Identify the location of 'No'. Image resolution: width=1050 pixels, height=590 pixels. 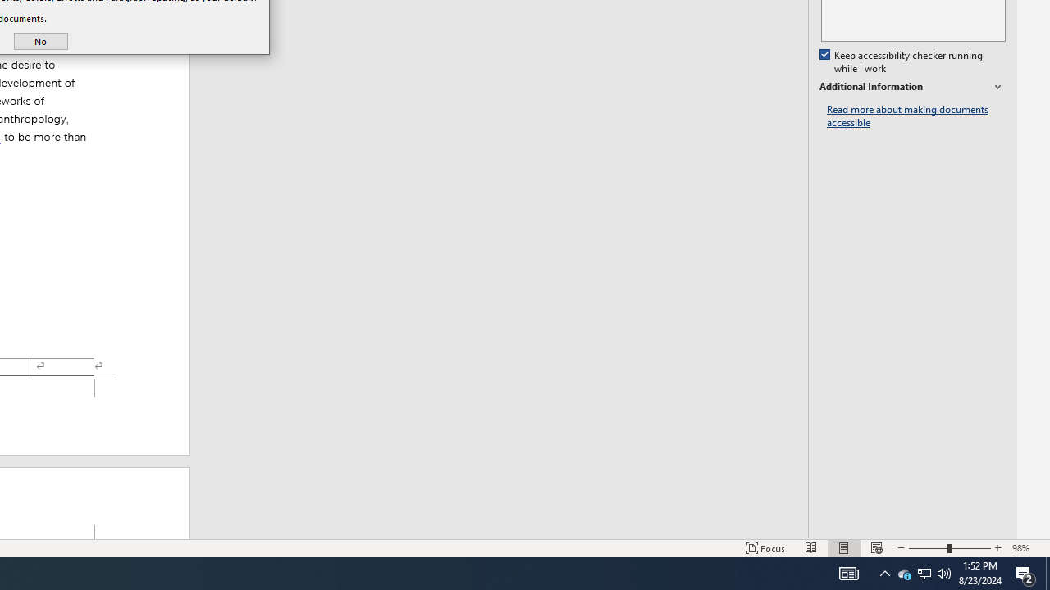
(40, 40).